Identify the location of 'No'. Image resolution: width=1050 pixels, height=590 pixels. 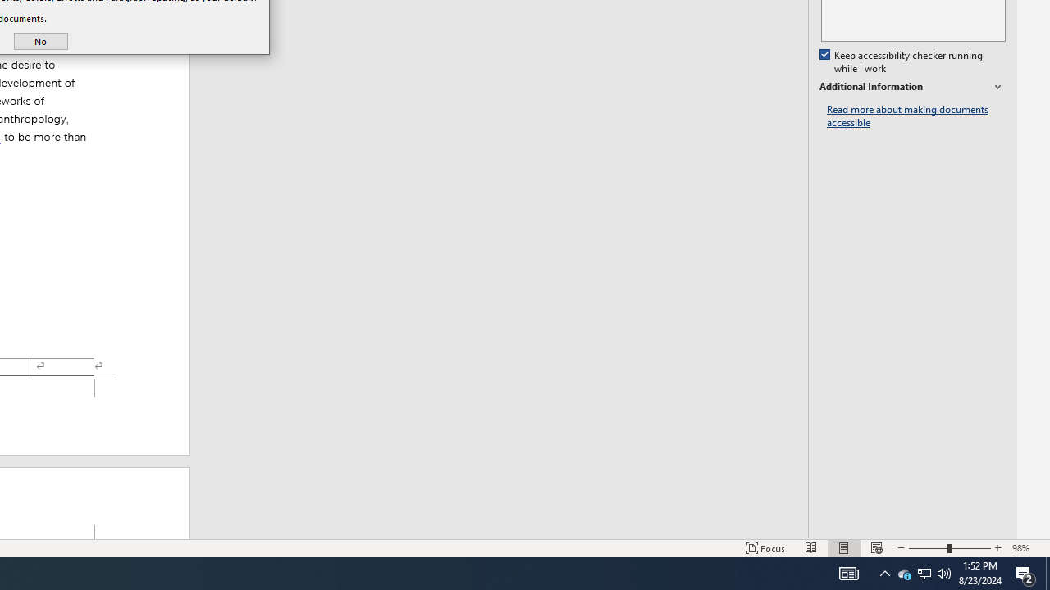
(40, 40).